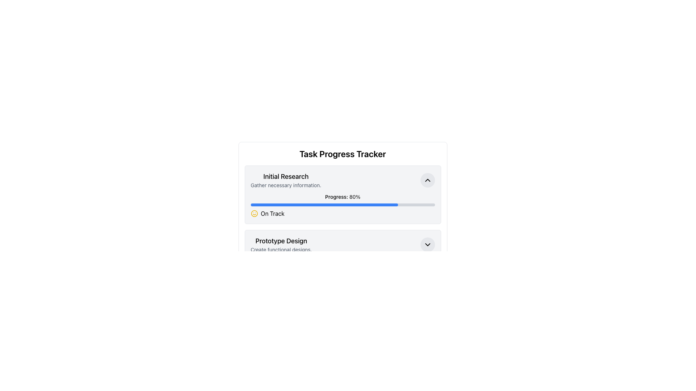  What do you see at coordinates (342, 194) in the screenshot?
I see `the progress card at the top of the task progress tracker` at bounding box center [342, 194].